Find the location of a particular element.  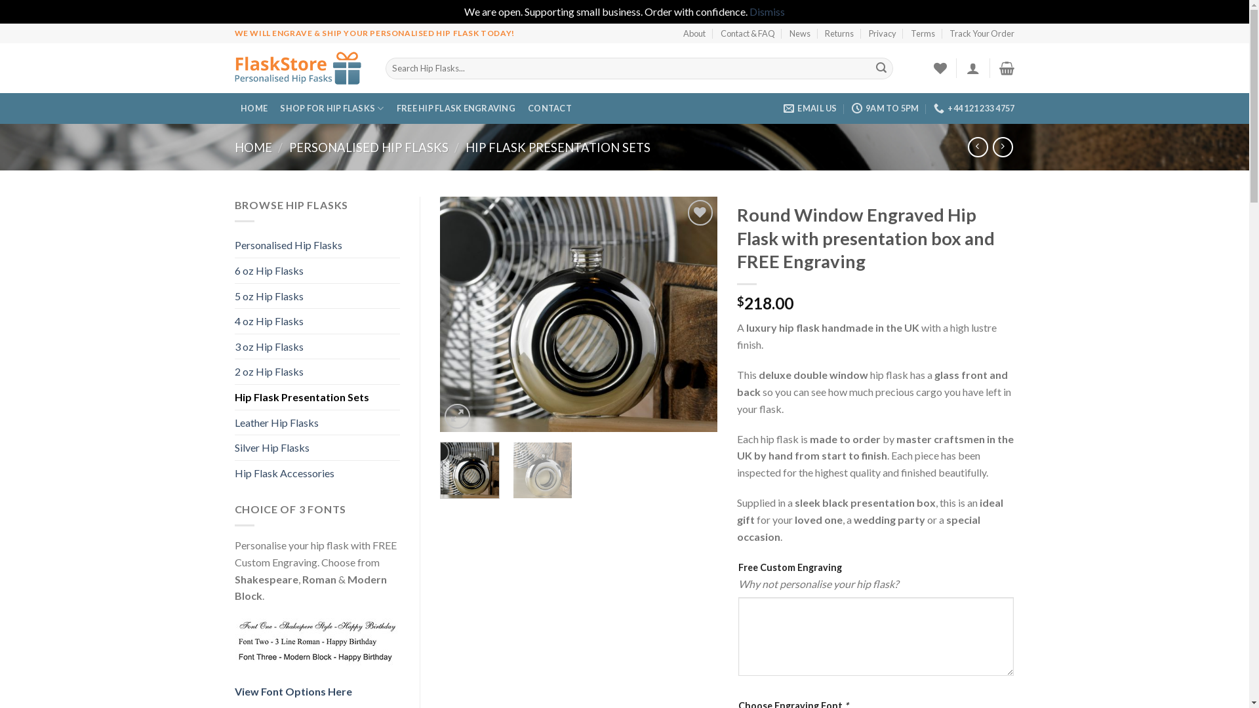

'PERSONALISED HIP FLASKS' is located at coordinates (368, 147).